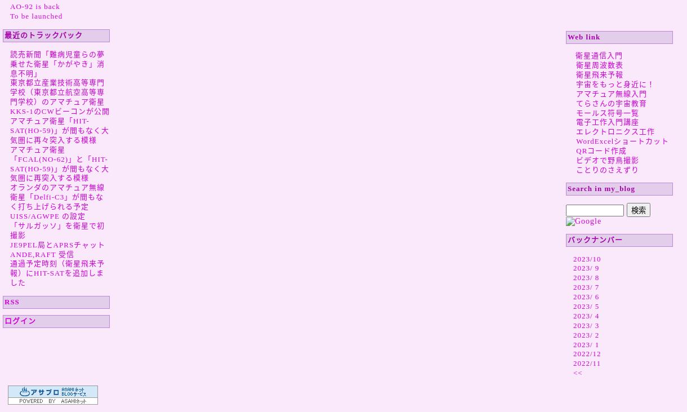  I want to click on 'RSS', so click(11, 301).